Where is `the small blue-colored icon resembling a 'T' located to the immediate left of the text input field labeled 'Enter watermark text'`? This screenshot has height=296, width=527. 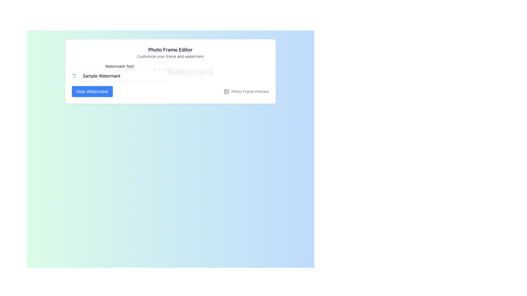 the small blue-colored icon resembling a 'T' located to the immediate left of the text input field labeled 'Enter watermark text' is located at coordinates (74, 76).